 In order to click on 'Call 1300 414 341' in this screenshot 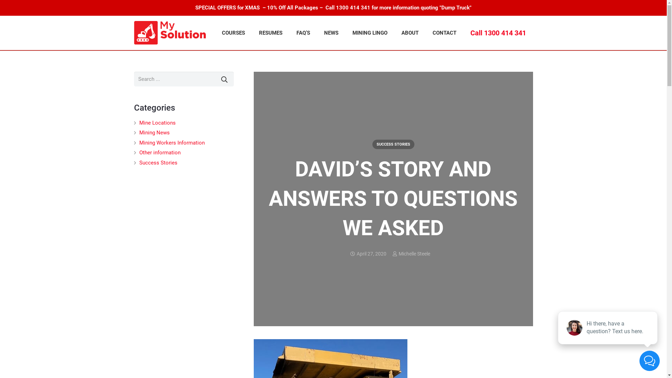, I will do `click(463, 33)`.